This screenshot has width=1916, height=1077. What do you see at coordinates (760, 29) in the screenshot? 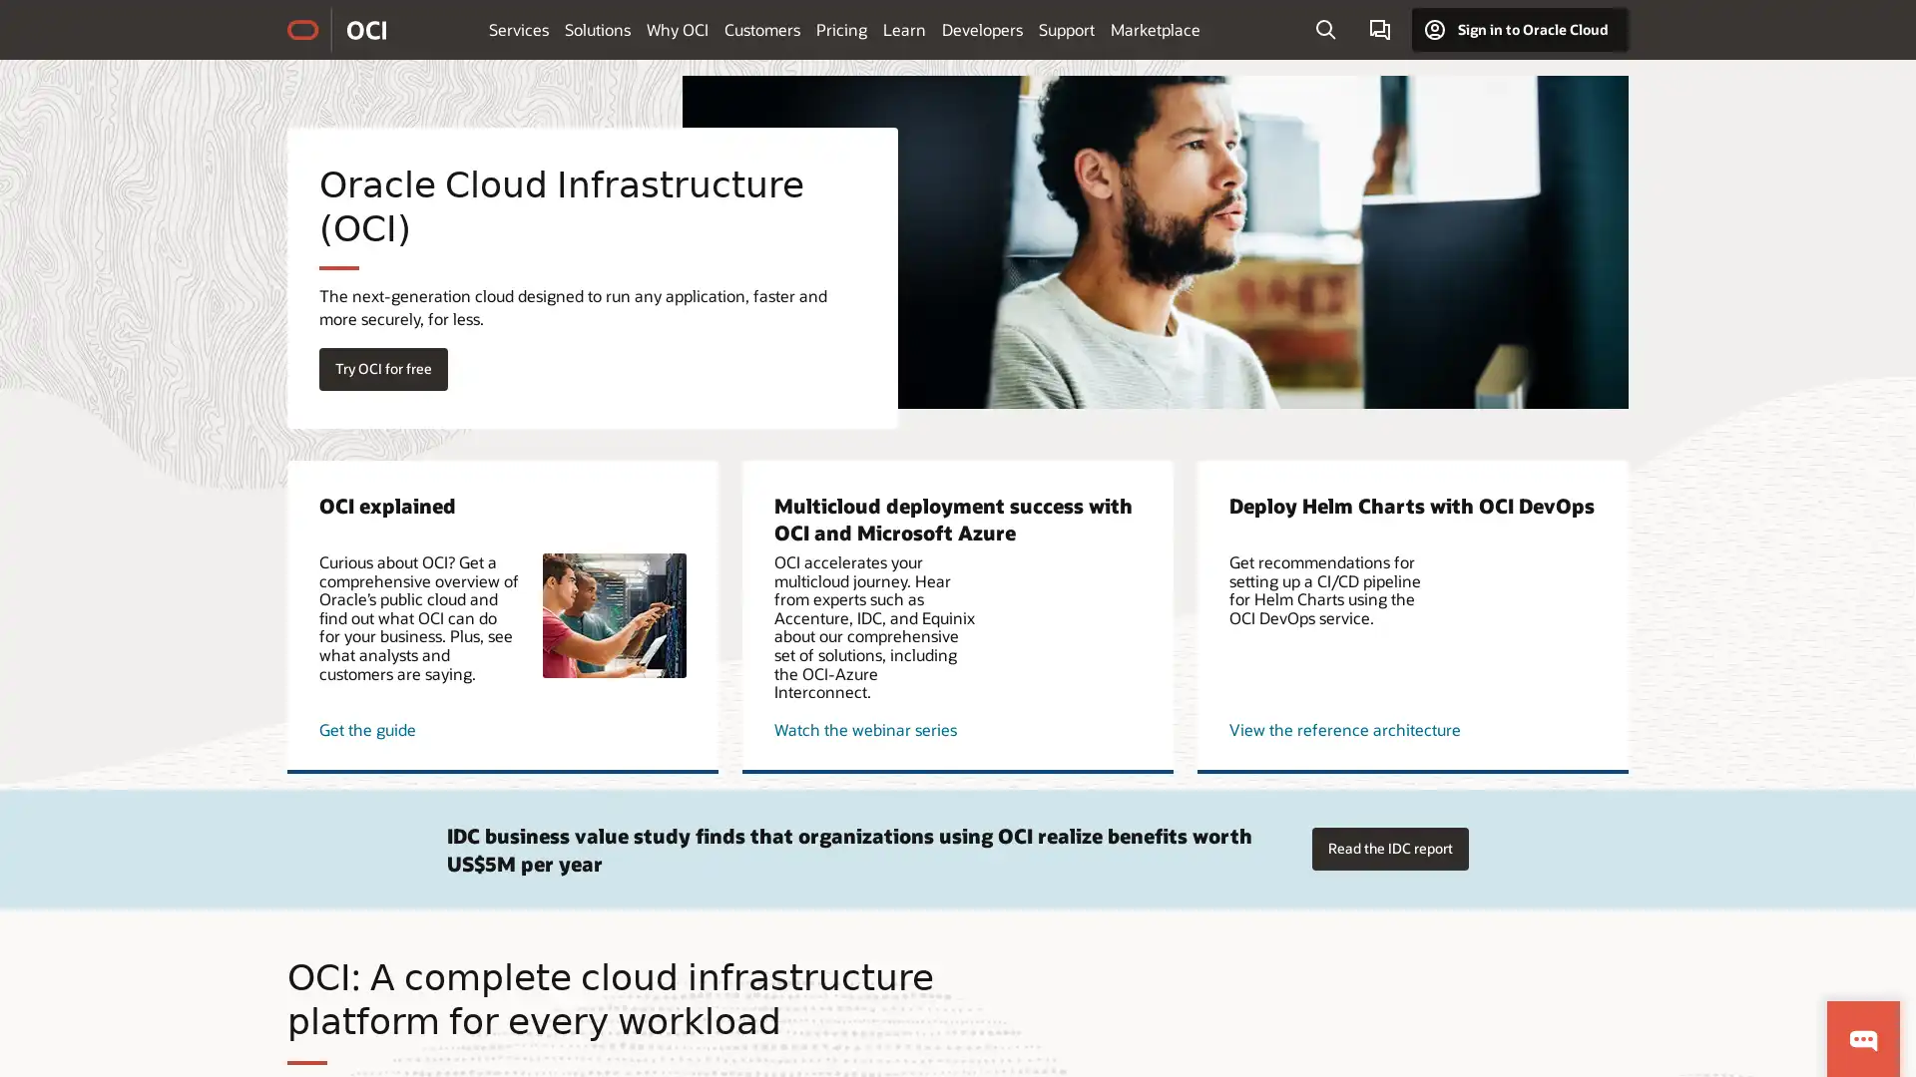
I see `Customers` at bounding box center [760, 29].